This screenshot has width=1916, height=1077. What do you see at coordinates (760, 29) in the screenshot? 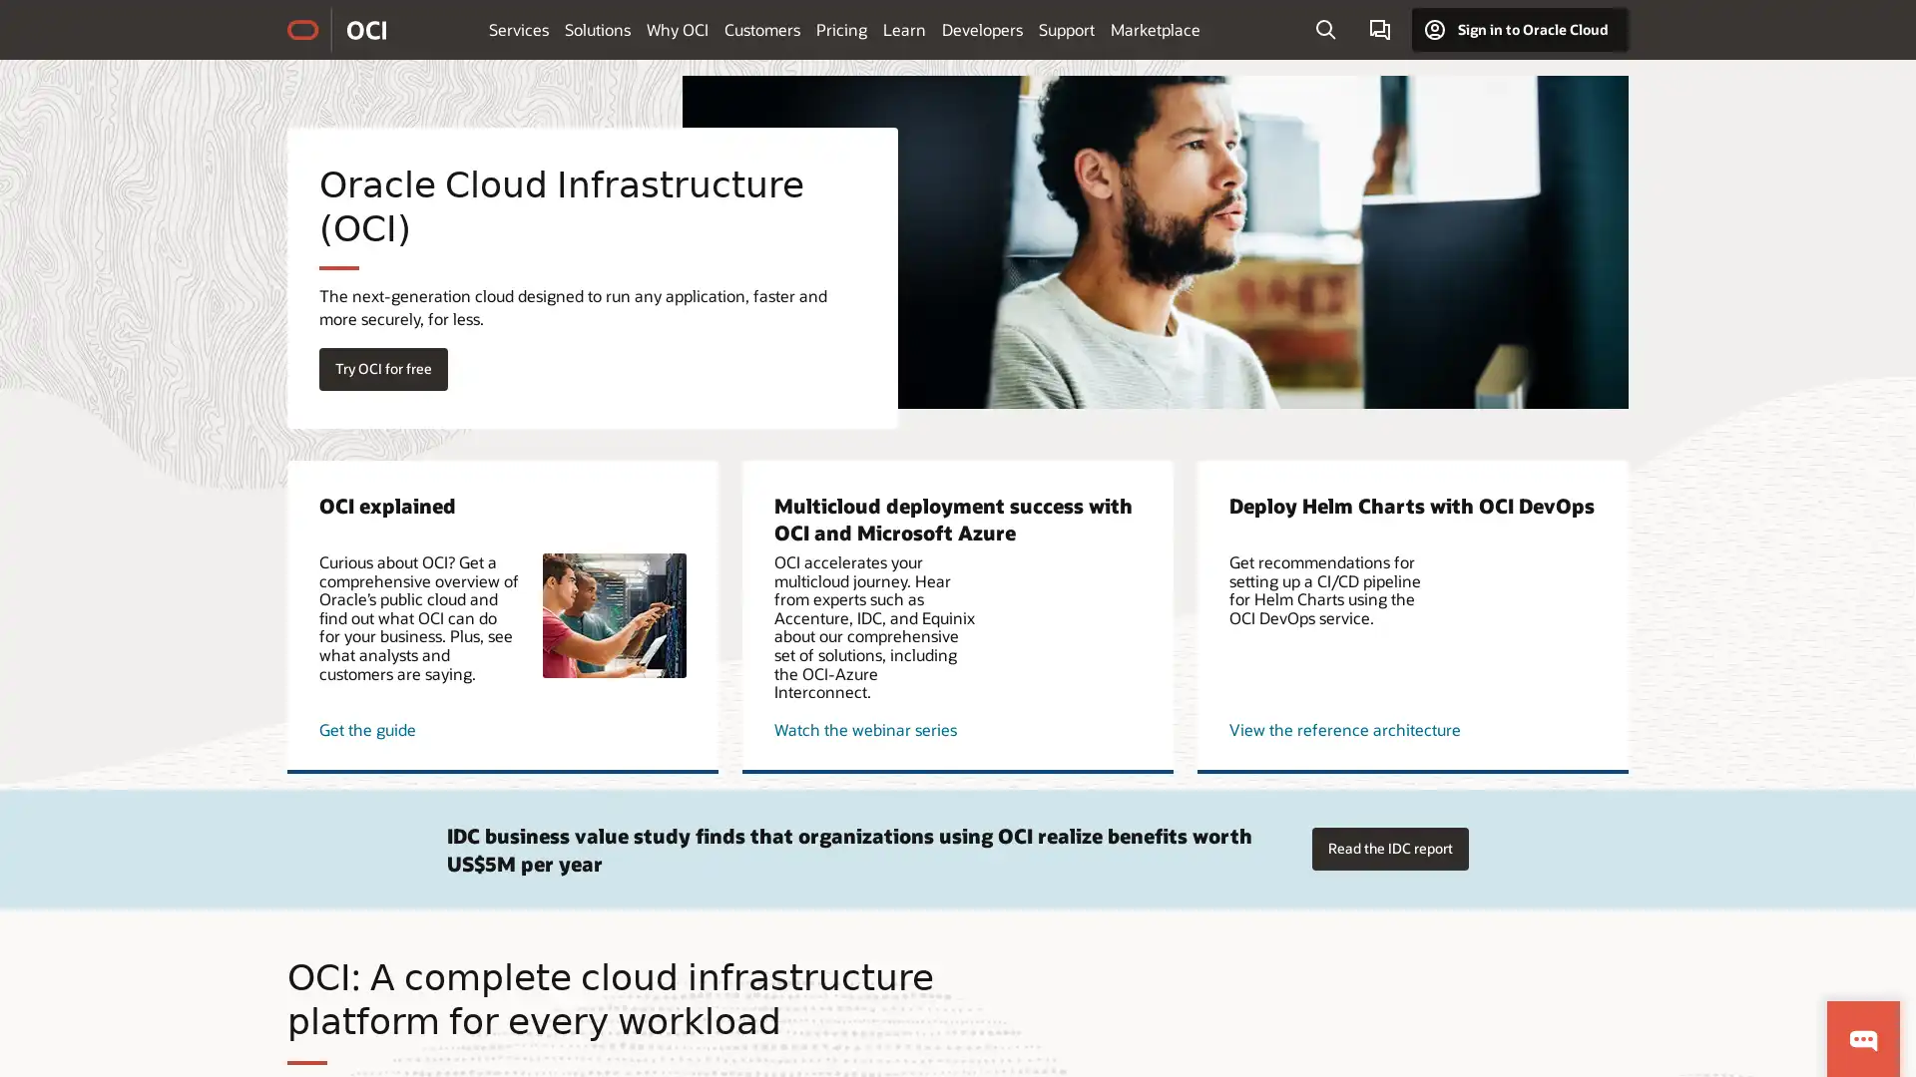
I see `Customers` at bounding box center [760, 29].